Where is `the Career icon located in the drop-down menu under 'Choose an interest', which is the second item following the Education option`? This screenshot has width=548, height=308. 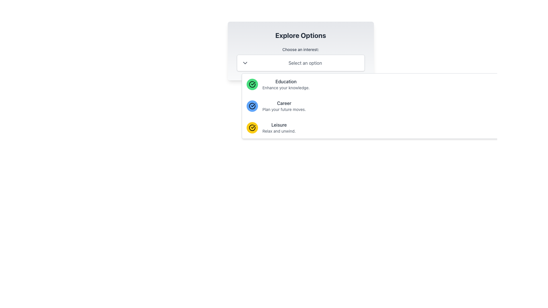
the Career icon located in the drop-down menu under 'Choose an interest', which is the second item following the Education option is located at coordinates (252, 106).